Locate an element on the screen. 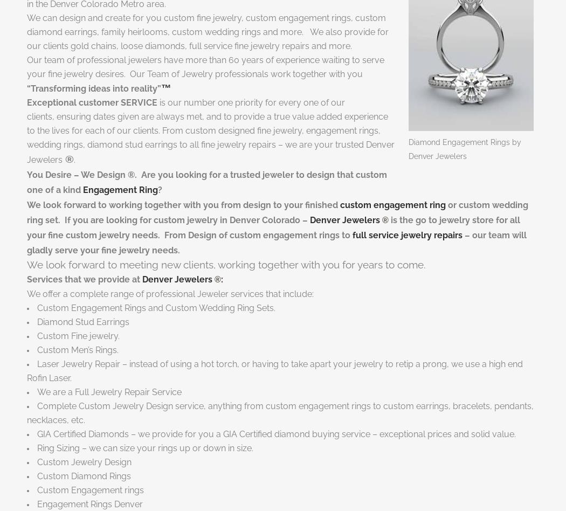 This screenshot has height=511, width=566. '– our team' is located at coordinates (487, 234).